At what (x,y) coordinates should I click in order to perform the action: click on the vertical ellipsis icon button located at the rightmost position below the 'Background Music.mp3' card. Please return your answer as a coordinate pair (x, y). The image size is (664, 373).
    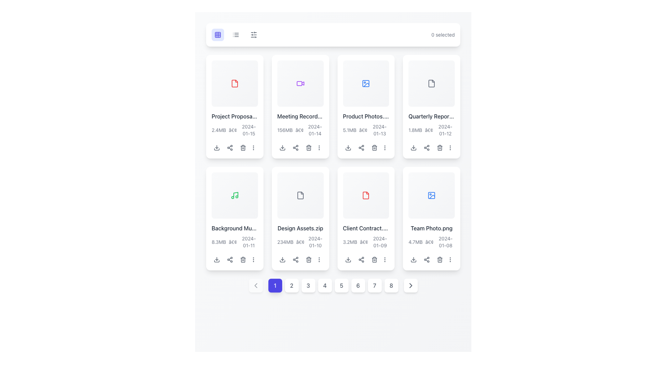
    Looking at the image, I should click on (253, 259).